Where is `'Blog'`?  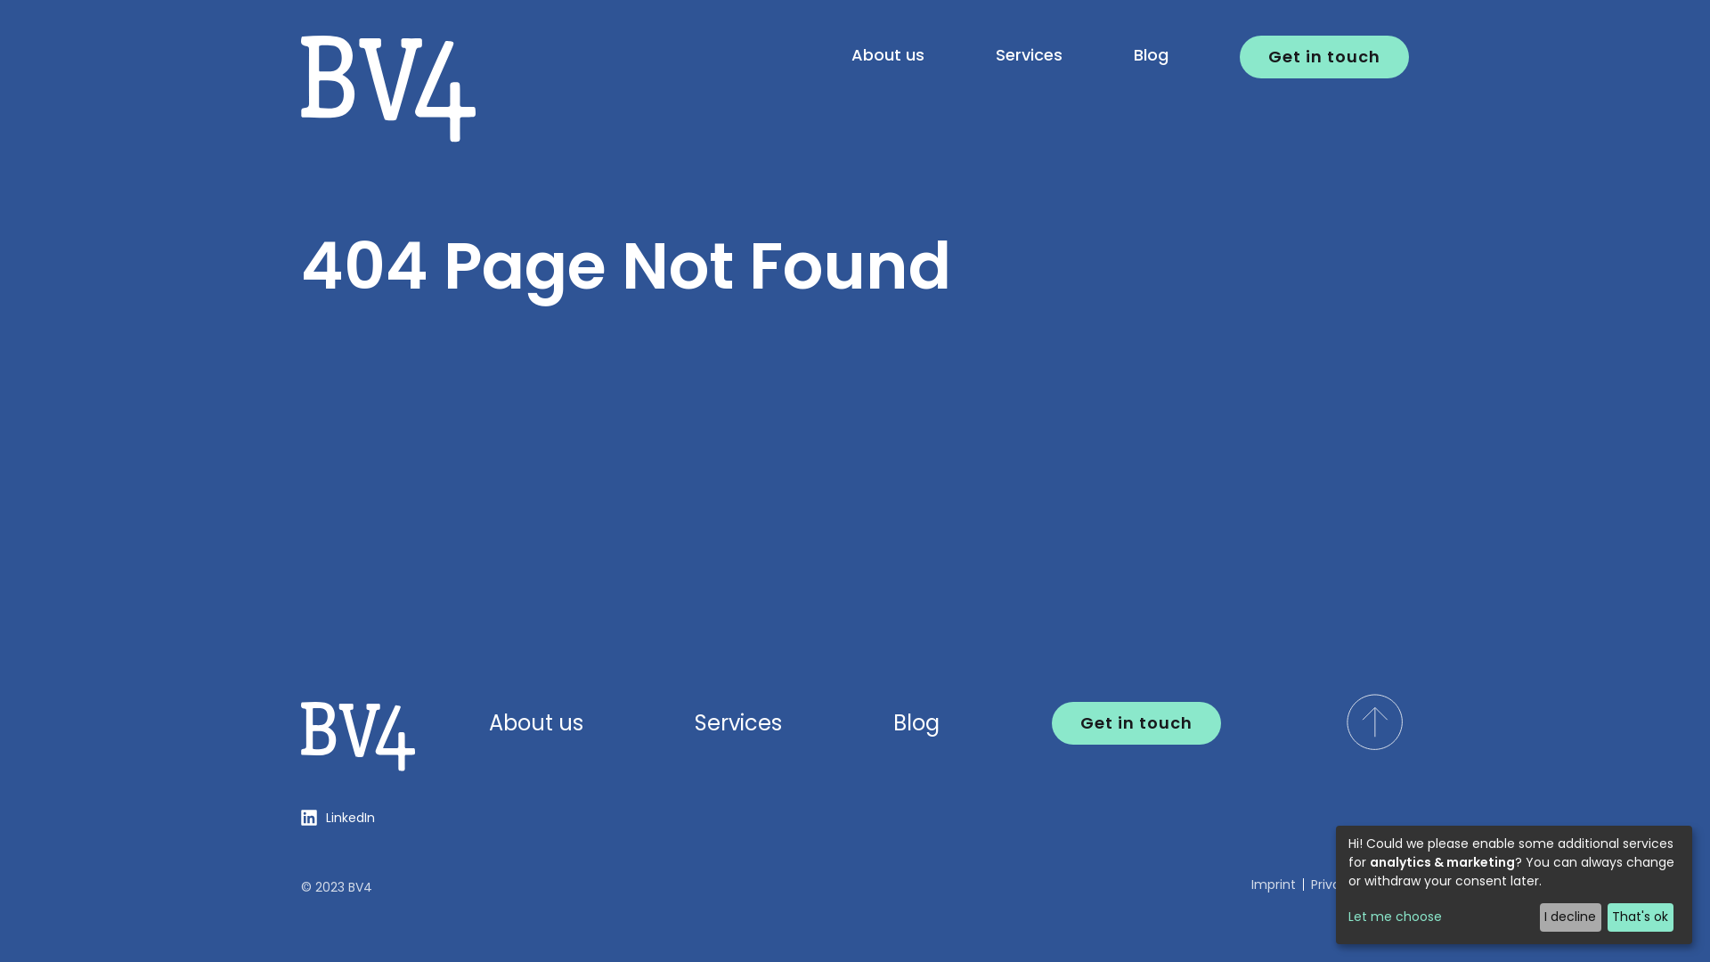 'Blog' is located at coordinates (916, 722).